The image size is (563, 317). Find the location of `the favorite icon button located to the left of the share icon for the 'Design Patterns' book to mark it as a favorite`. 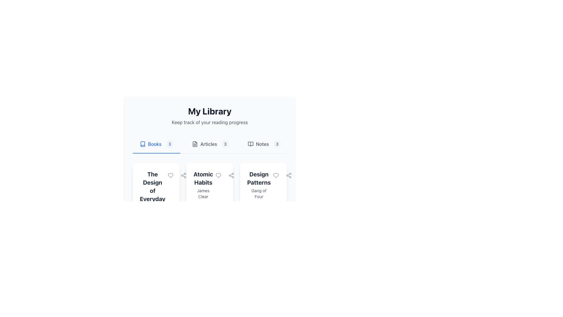

the favorite icon button located to the left of the share icon for the 'Design Patterns' book to mark it as a favorite is located at coordinates (276, 175).